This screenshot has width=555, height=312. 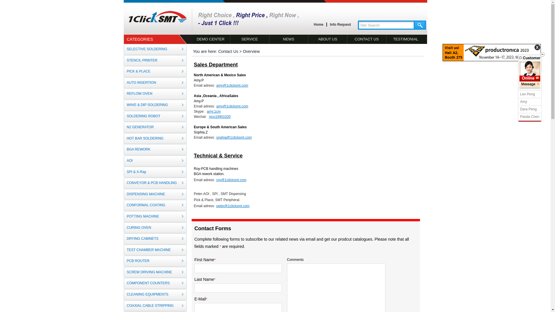 What do you see at coordinates (232, 206) in the screenshot?
I see `'peter@1clicksmt.com'` at bounding box center [232, 206].